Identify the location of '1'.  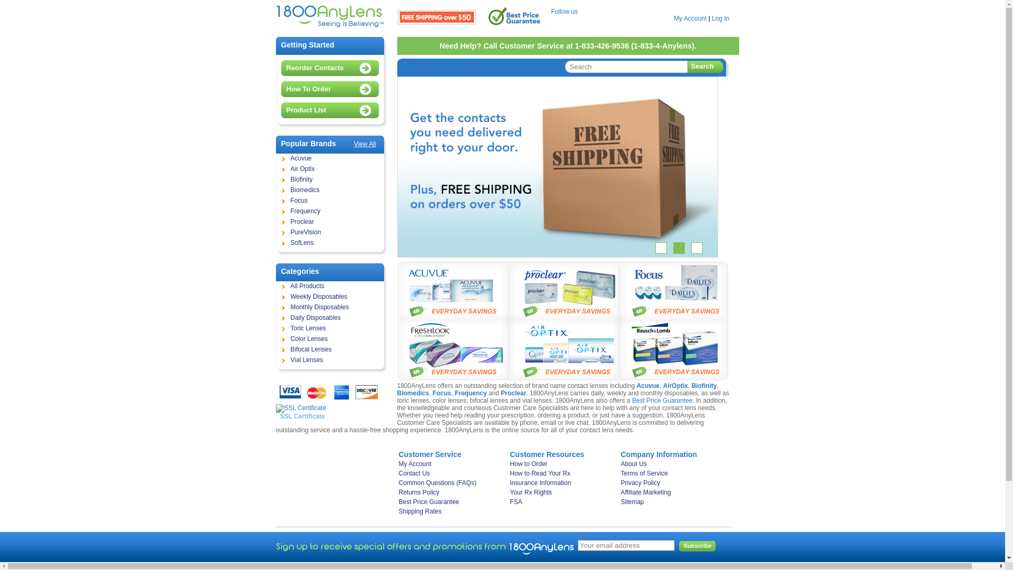
(655, 248).